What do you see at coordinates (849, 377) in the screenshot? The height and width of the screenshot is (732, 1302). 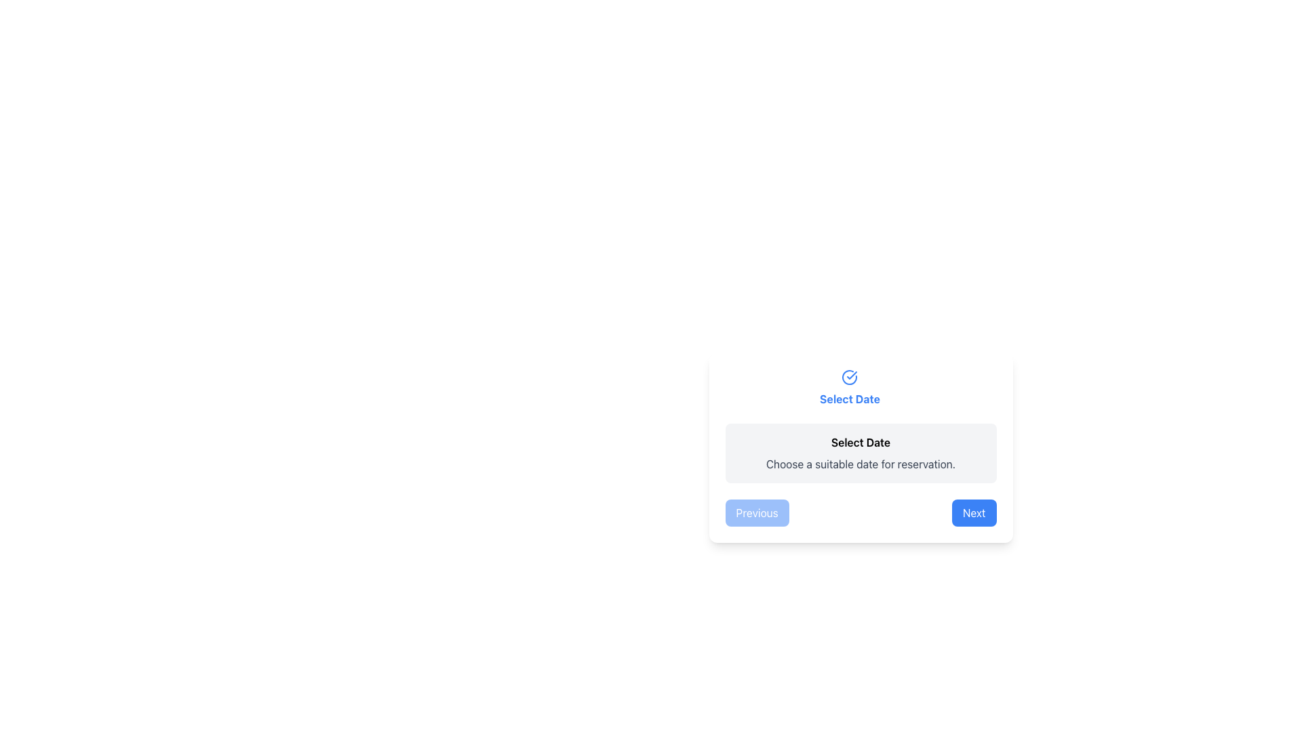 I see `the circular checkmark icon, which is styled as a blue stroked circle with a checkmark inside, located above the text 'Select Date'` at bounding box center [849, 377].